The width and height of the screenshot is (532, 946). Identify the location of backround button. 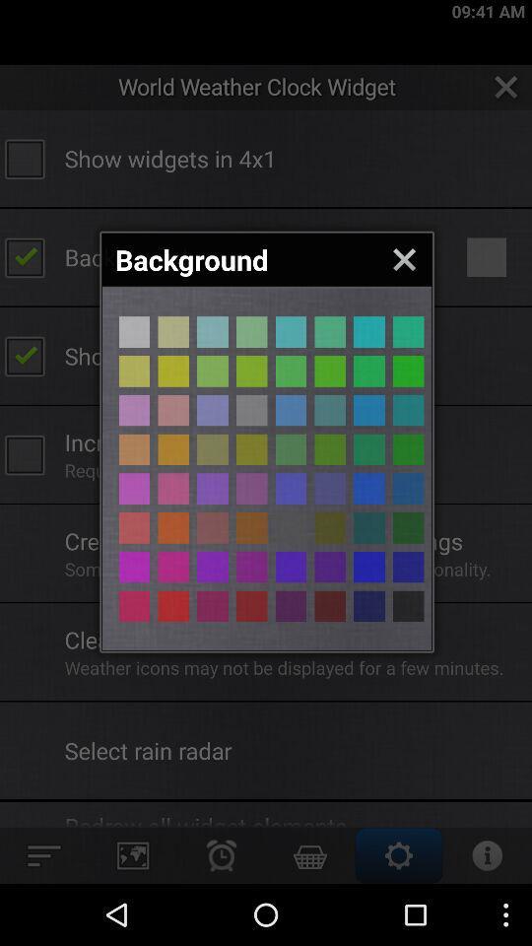
(407, 449).